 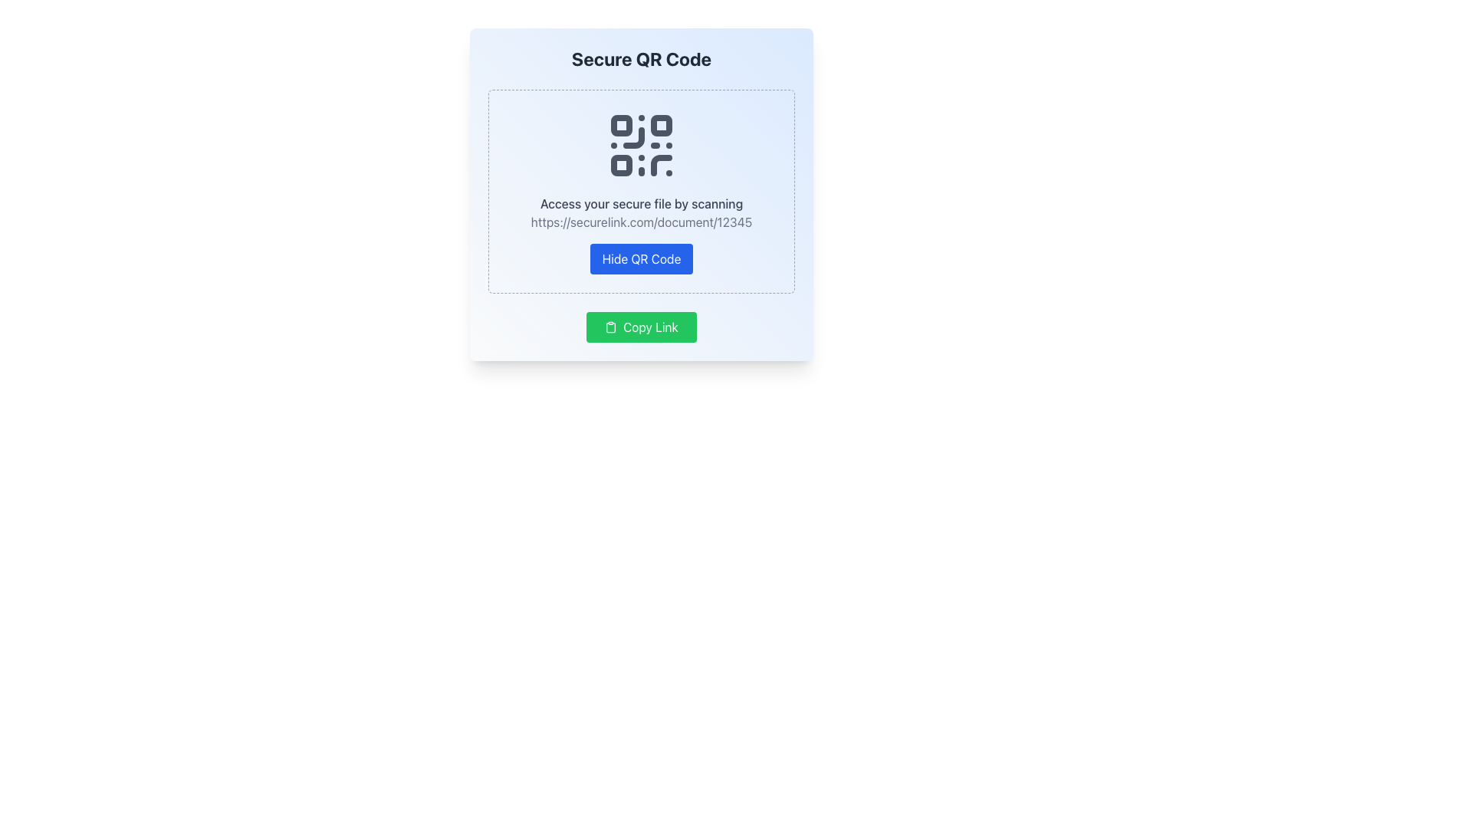 What do you see at coordinates (641, 212) in the screenshot?
I see `hyperlink in the Text Block located below the QR code icon and above the 'Hide QR Code' button` at bounding box center [641, 212].